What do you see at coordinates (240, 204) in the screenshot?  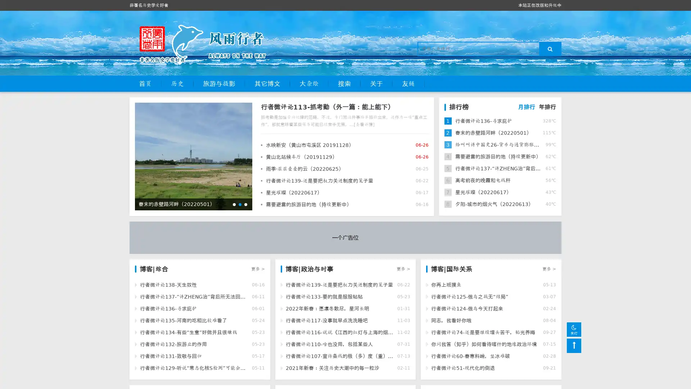 I see `Go to slide 2` at bounding box center [240, 204].